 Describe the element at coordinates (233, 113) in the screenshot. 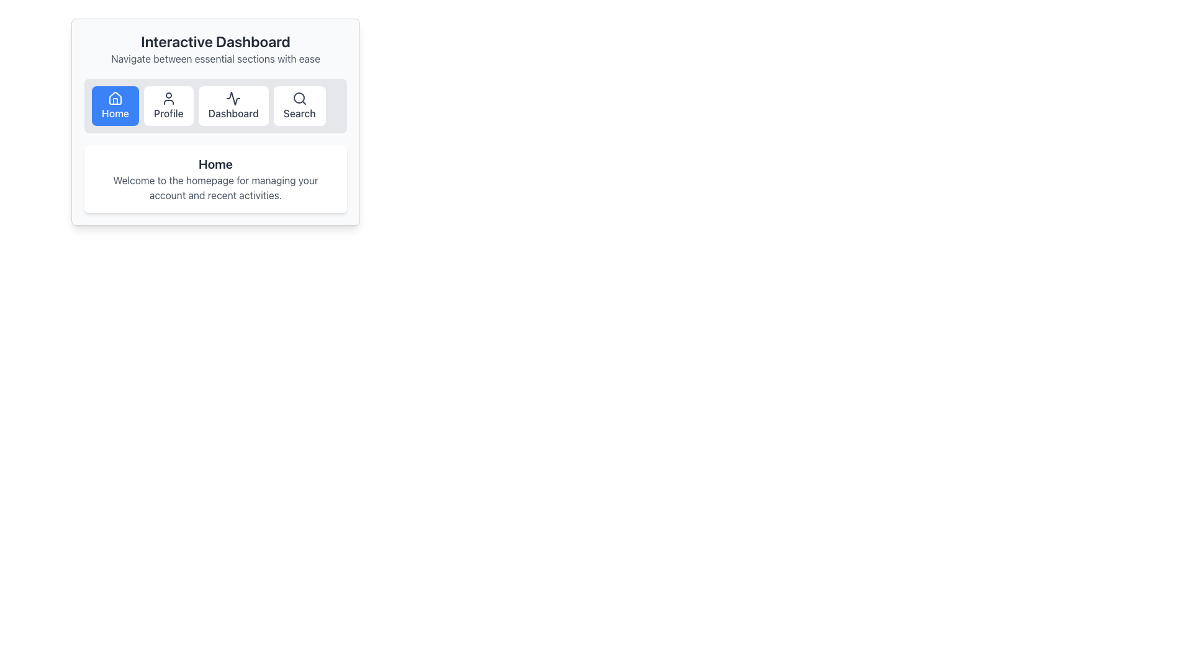

I see `the Text label for the Dashboard navigation option` at that location.